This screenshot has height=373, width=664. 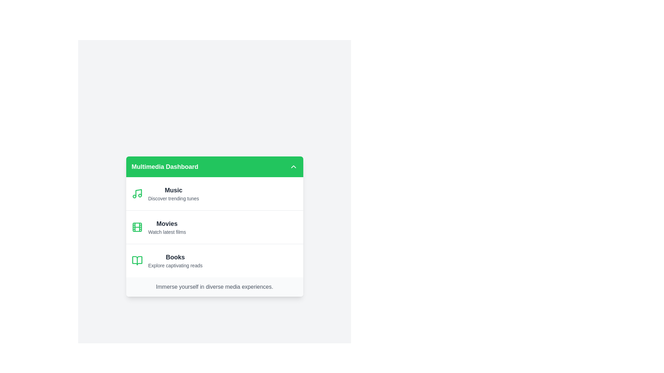 What do you see at coordinates (214, 193) in the screenshot?
I see `the category Music to explore its content` at bounding box center [214, 193].